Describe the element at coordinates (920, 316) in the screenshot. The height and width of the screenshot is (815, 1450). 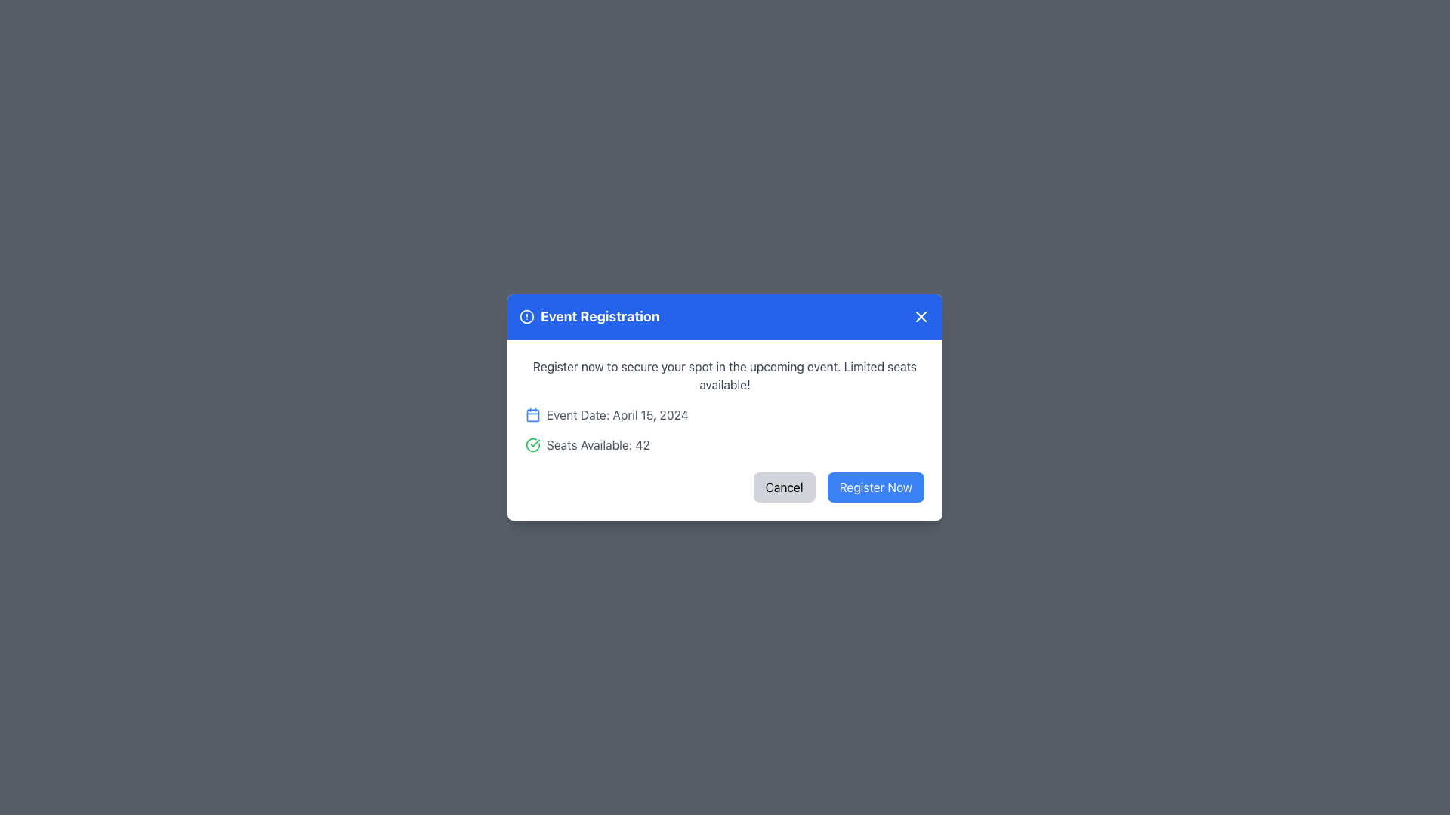
I see `the 'X' icon button located in the top-right corner of the blue header bar labeled 'Event Registration'` at that location.